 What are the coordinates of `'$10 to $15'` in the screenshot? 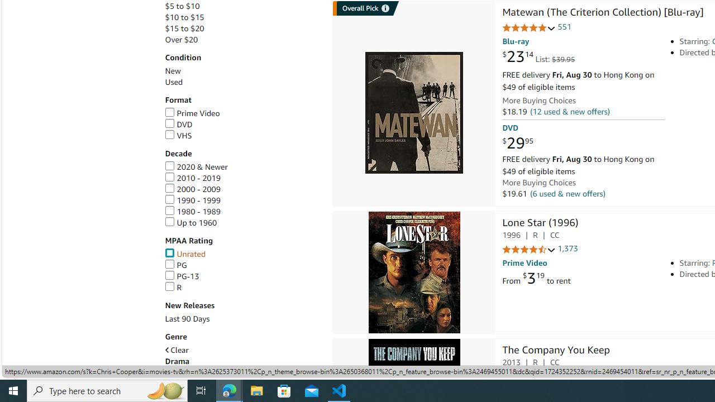 It's located at (242, 17).